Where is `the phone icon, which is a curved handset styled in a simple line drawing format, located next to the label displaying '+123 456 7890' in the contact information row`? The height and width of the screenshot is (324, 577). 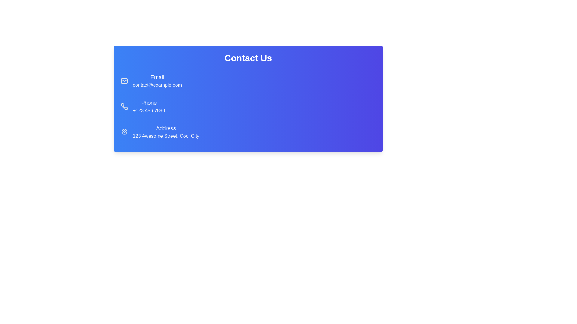
the phone icon, which is a curved handset styled in a simple line drawing format, located next to the label displaying '+123 456 7890' in the contact information row is located at coordinates (124, 106).